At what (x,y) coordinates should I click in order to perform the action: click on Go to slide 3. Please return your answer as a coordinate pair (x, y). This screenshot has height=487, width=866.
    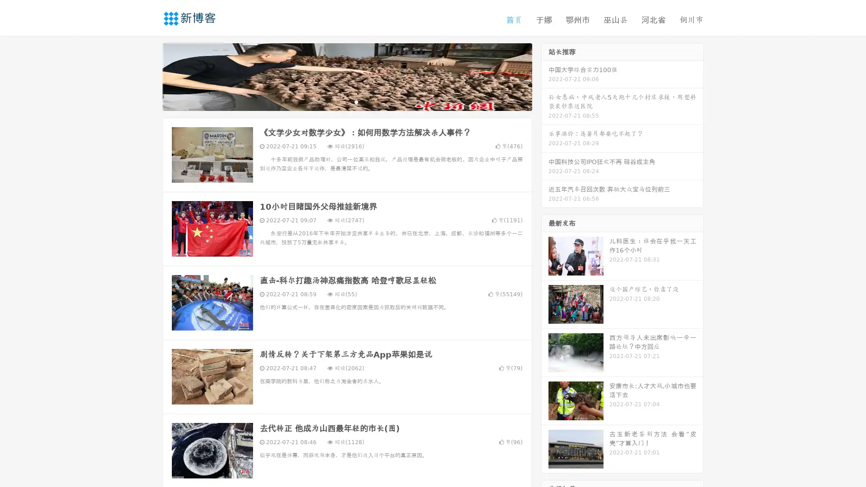
    Looking at the image, I should click on (356, 101).